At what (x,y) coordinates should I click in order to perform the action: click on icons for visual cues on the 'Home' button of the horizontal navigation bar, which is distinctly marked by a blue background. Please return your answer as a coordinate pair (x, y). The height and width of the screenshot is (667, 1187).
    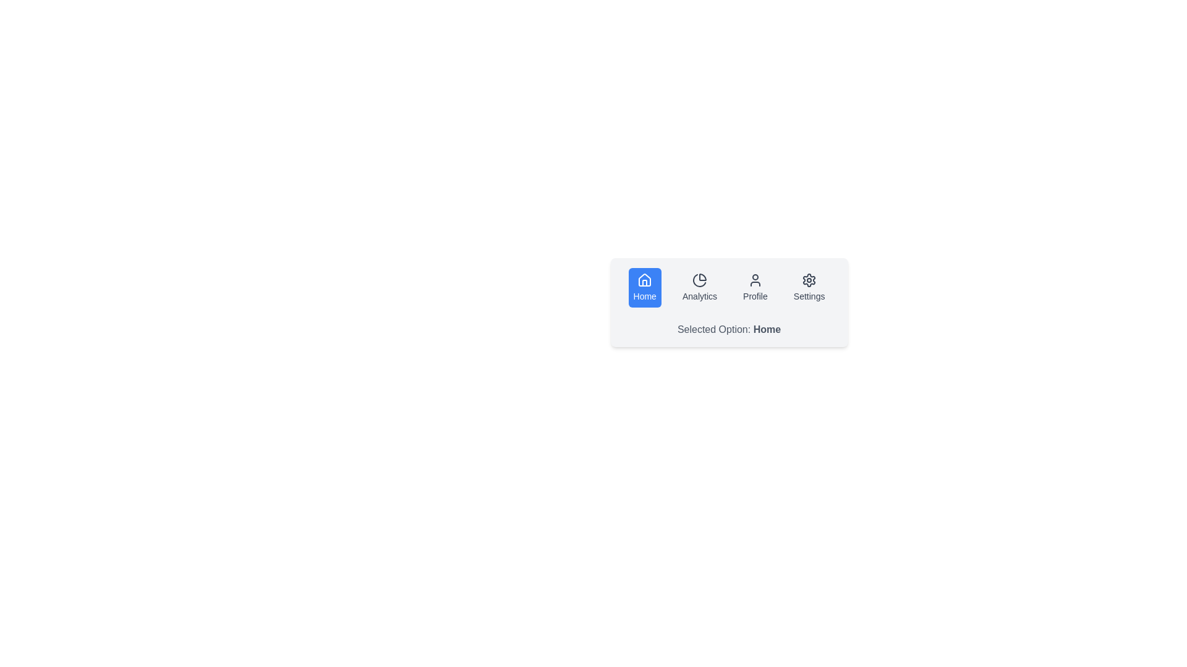
    Looking at the image, I should click on (729, 288).